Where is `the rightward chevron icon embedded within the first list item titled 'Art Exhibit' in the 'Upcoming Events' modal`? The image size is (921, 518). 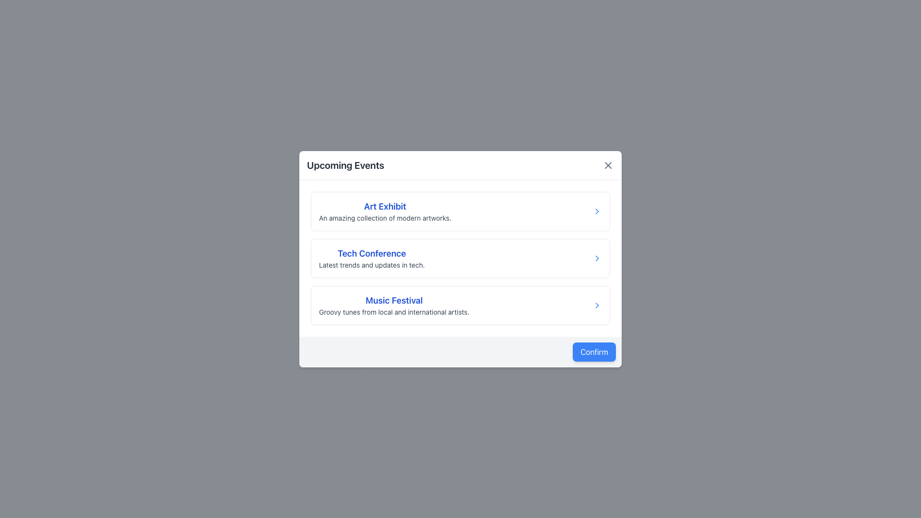 the rightward chevron icon embedded within the first list item titled 'Art Exhibit' in the 'Upcoming Events' modal is located at coordinates (596, 210).